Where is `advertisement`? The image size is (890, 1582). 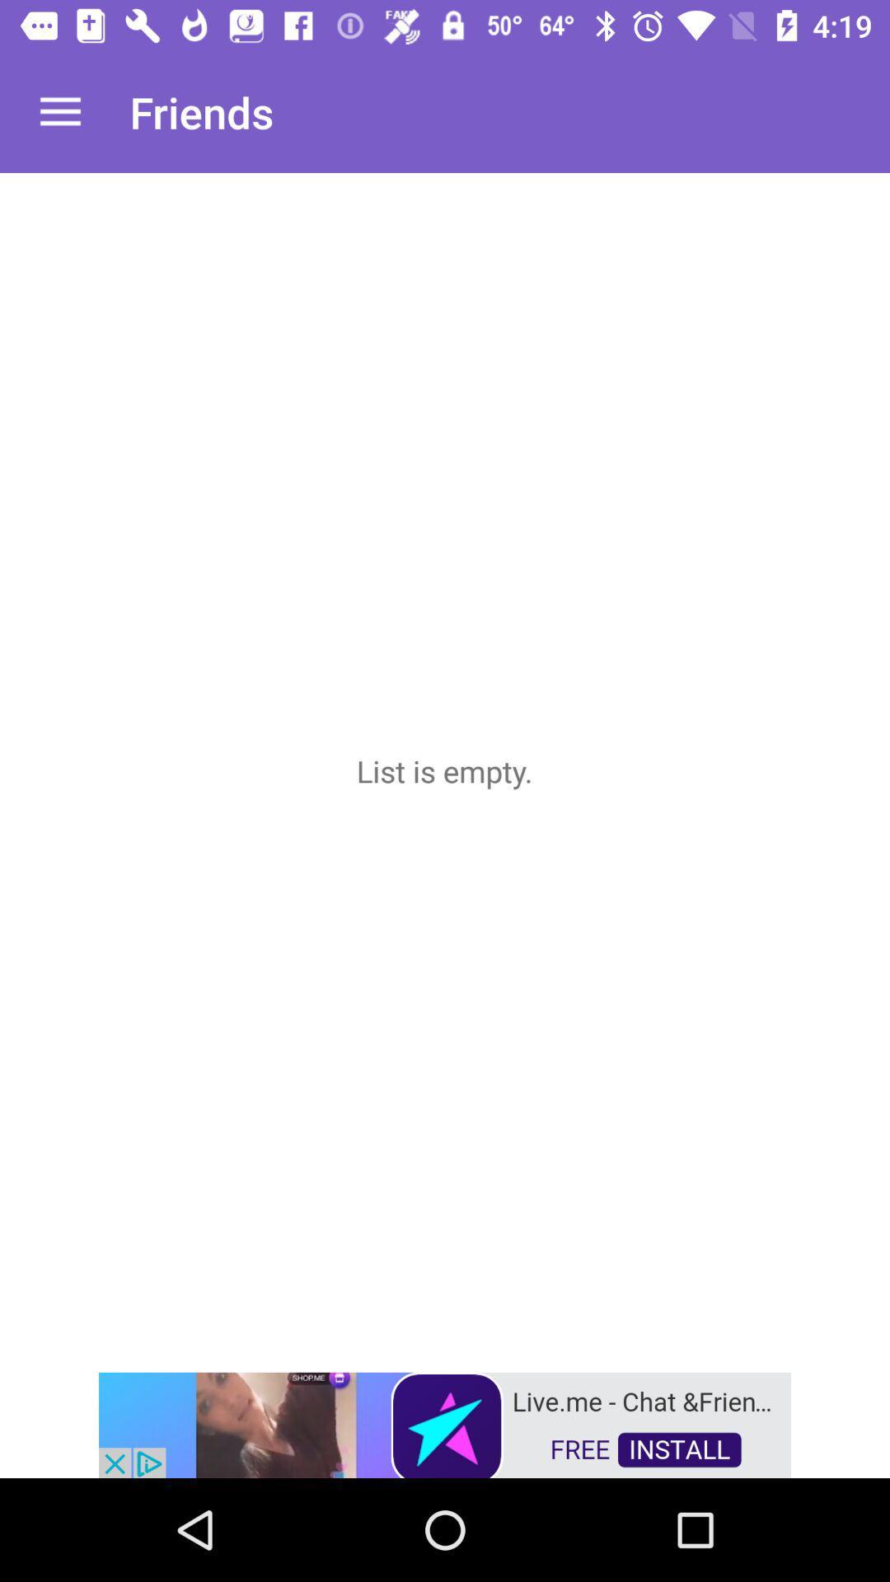
advertisement is located at coordinates (445, 1423).